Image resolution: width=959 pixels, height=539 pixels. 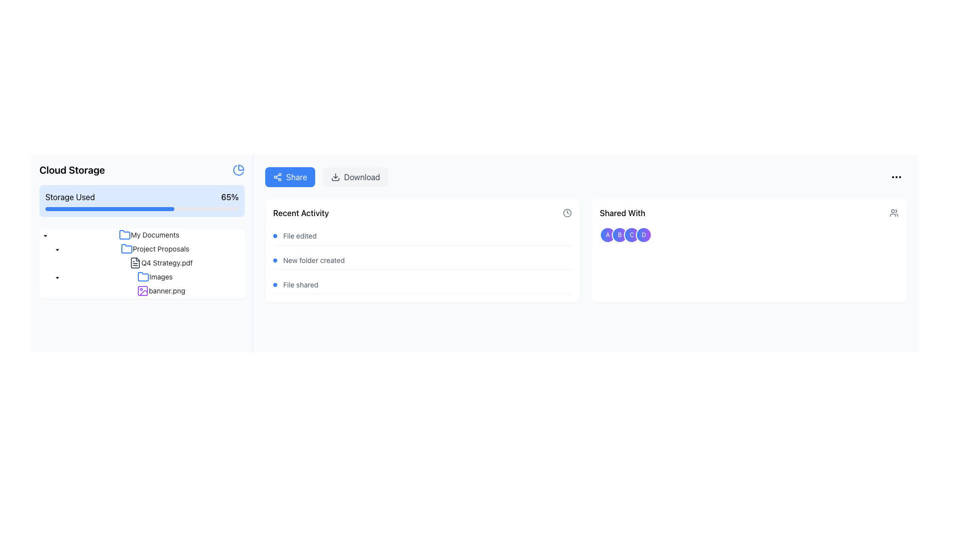 What do you see at coordinates (167, 262) in the screenshot?
I see `the text label representing the file 'Q4 Strategy.pdf'` at bounding box center [167, 262].